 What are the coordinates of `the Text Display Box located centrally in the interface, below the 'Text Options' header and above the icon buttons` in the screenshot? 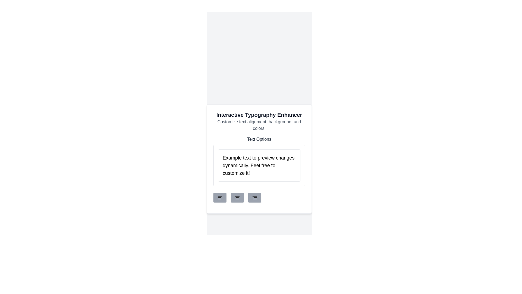 It's located at (259, 161).